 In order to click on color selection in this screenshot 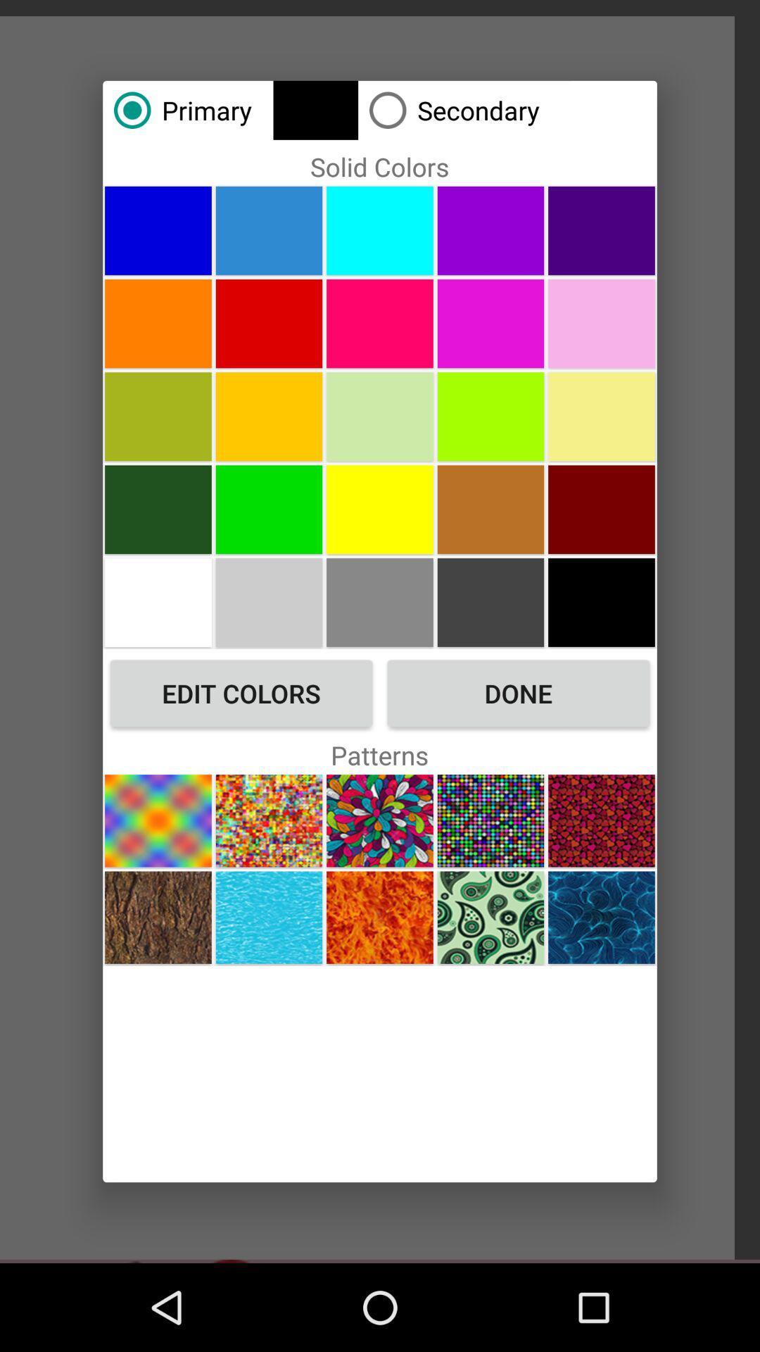, I will do `click(490, 508)`.